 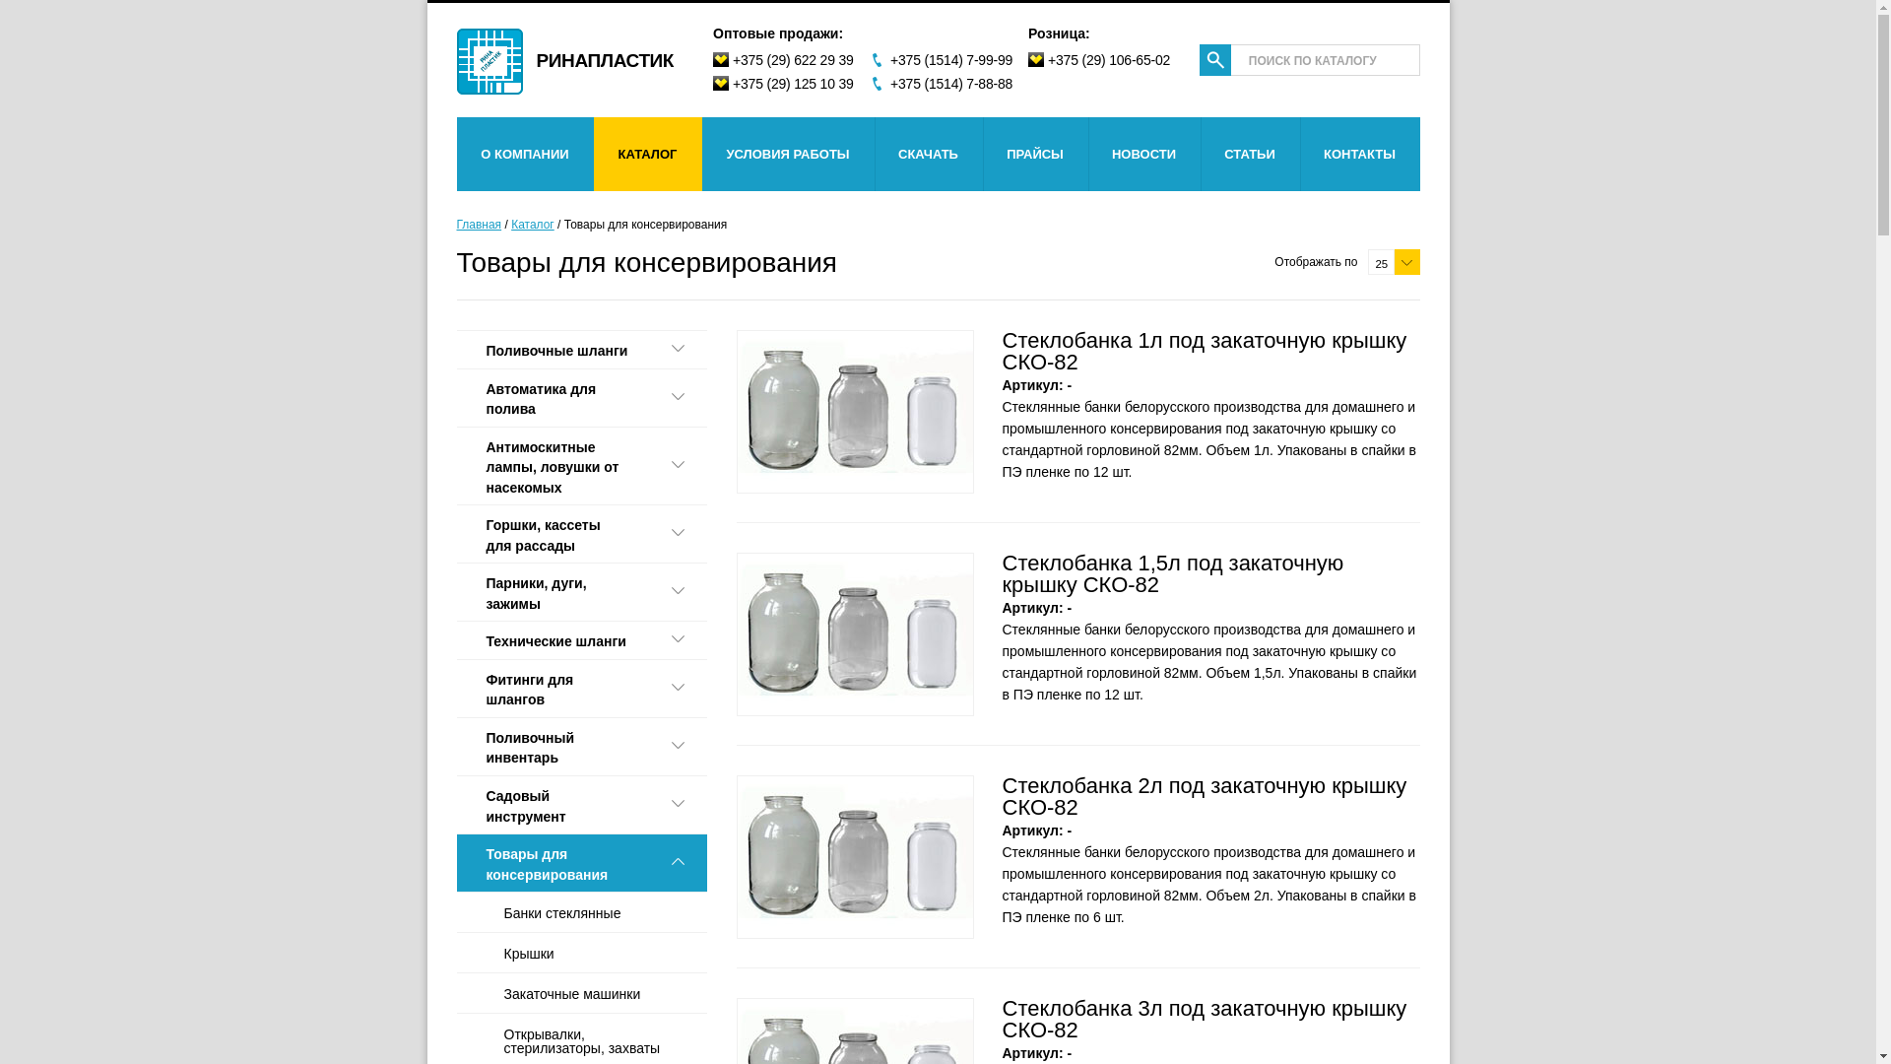 What do you see at coordinates (1106, 59) in the screenshot?
I see `'+375 (29) 106-65-02'` at bounding box center [1106, 59].